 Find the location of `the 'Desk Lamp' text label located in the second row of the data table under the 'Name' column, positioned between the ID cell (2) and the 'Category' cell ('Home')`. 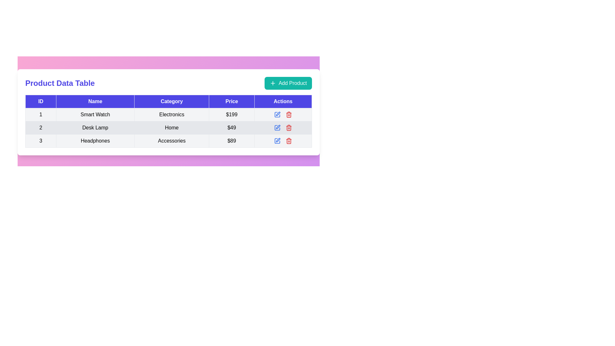

the 'Desk Lamp' text label located in the second row of the data table under the 'Name' column, positioned between the ID cell (2) and the 'Category' cell ('Home') is located at coordinates (95, 128).